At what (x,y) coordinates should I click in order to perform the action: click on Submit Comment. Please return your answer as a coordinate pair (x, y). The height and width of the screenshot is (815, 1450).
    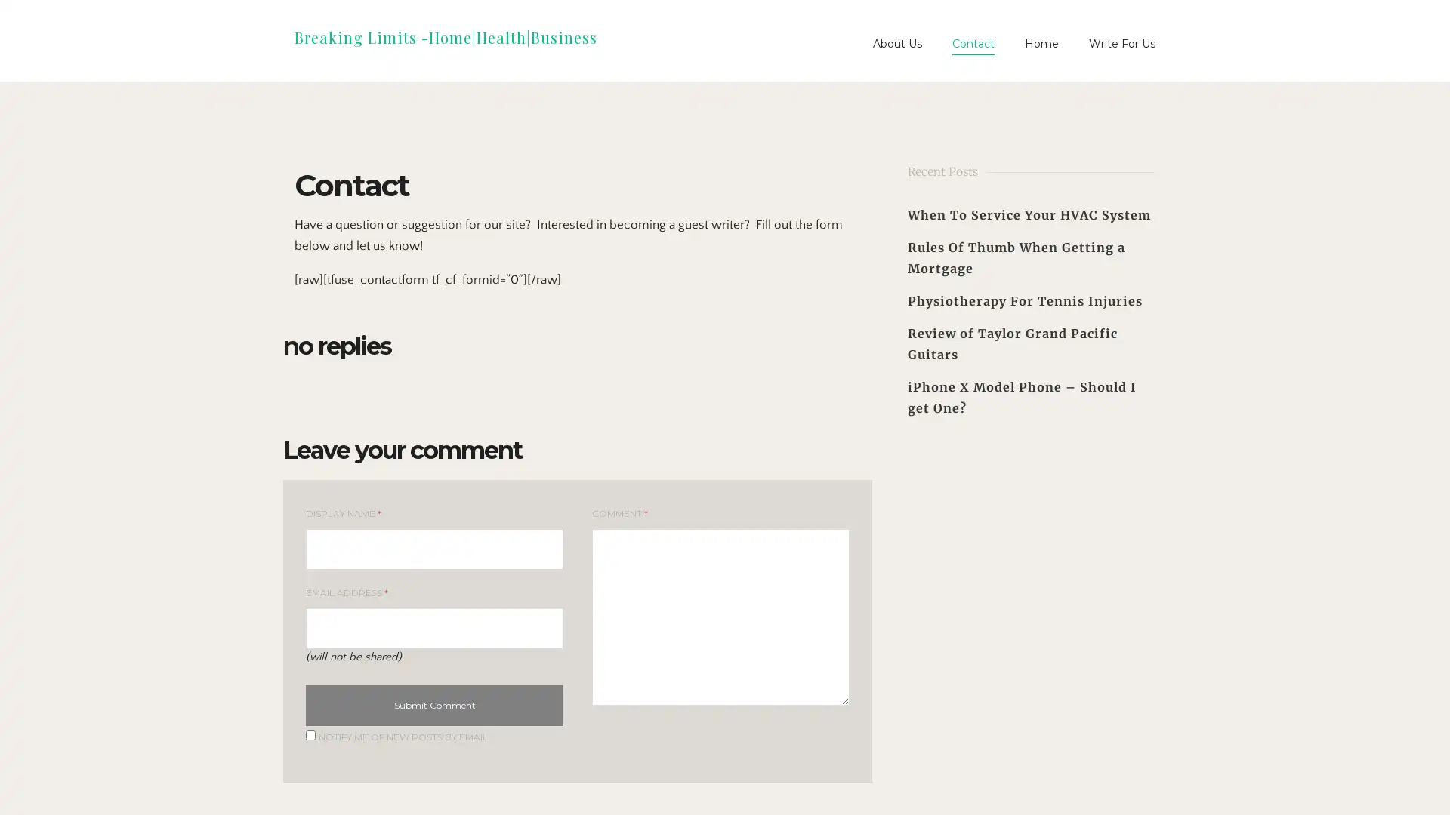
    Looking at the image, I should click on (433, 704).